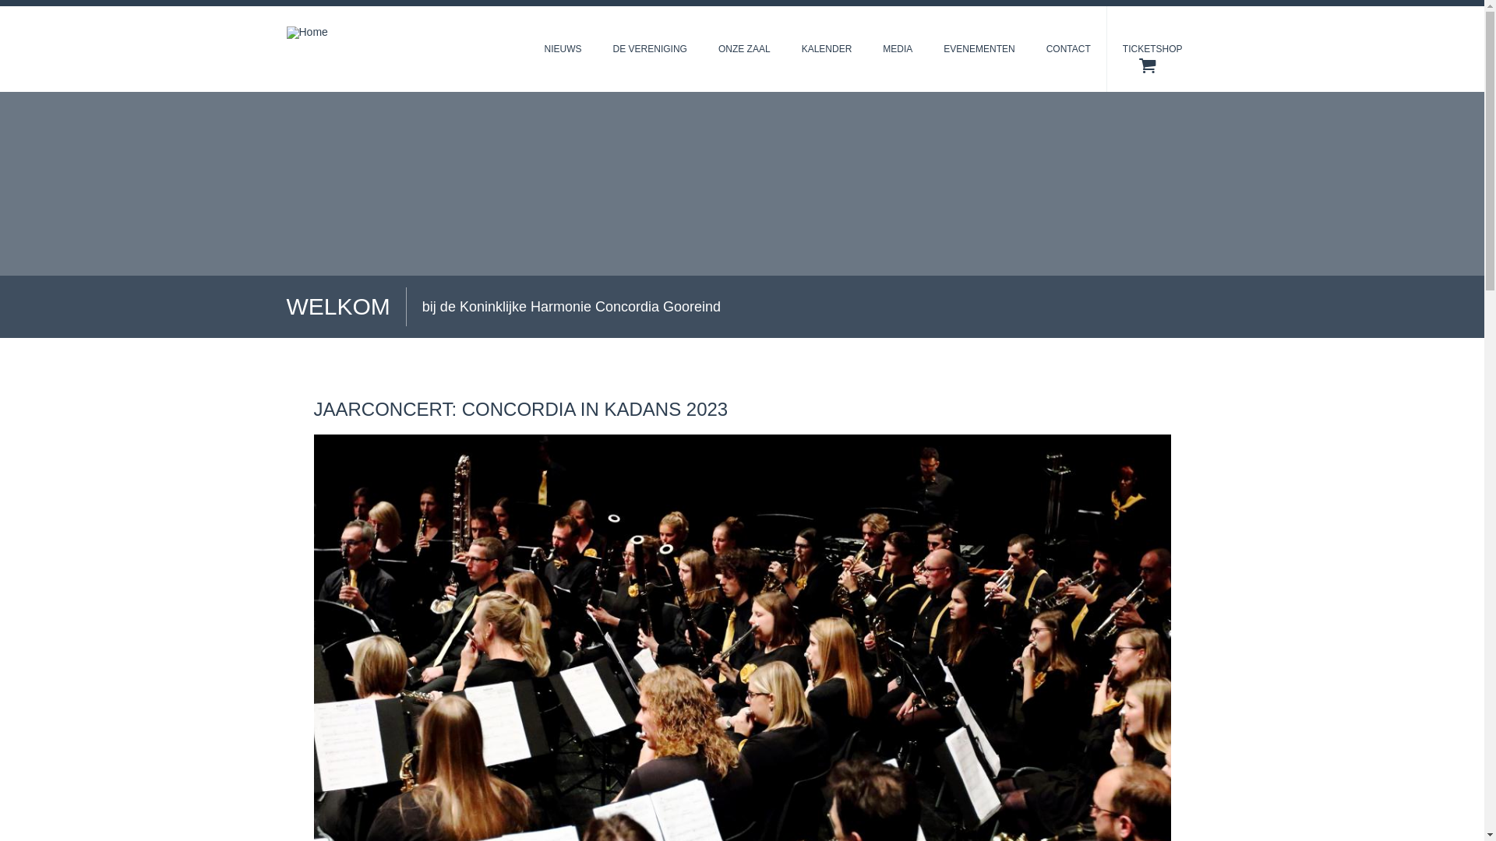 This screenshot has height=841, width=1496. What do you see at coordinates (563, 48) in the screenshot?
I see `'NIEUWS'` at bounding box center [563, 48].